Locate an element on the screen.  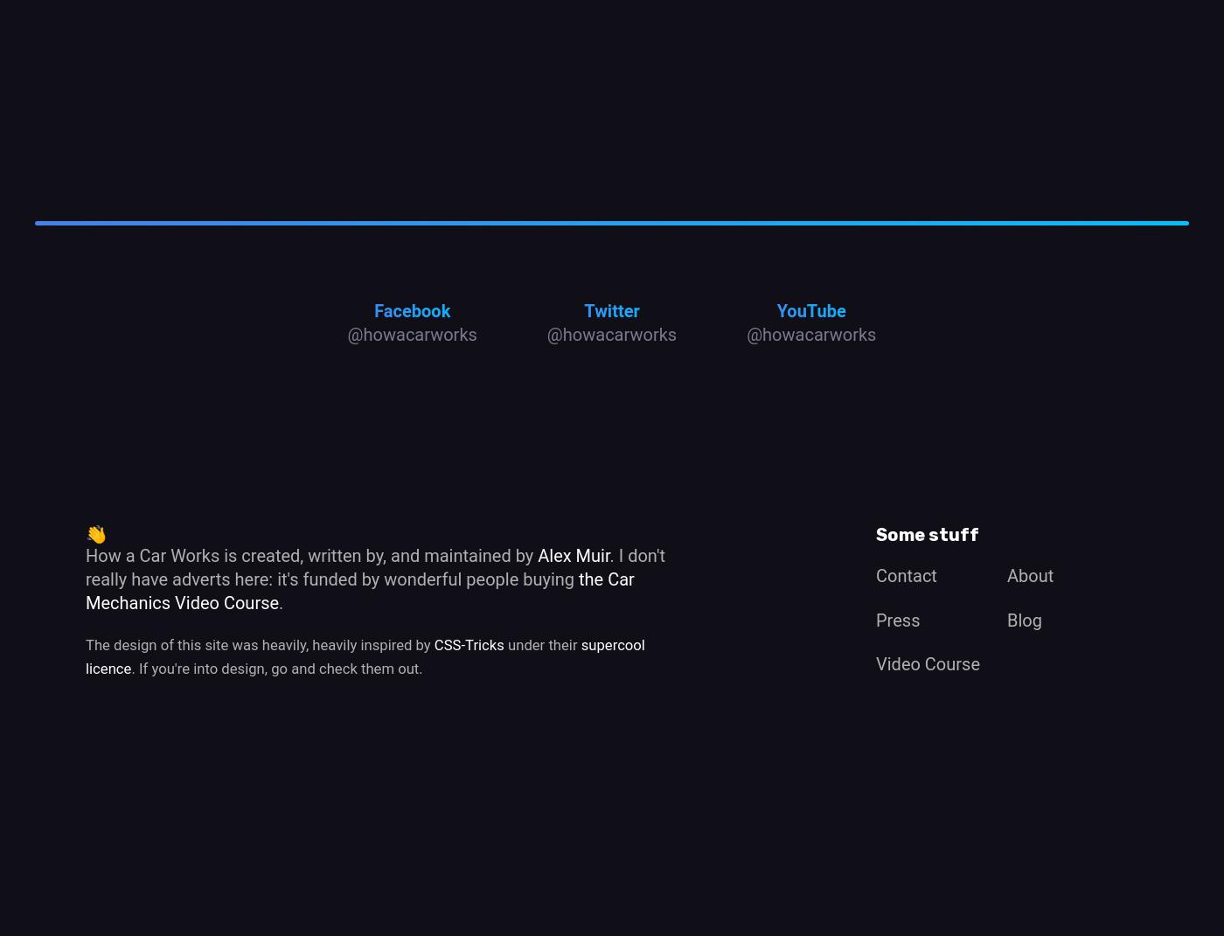
'CSS-Tricks' is located at coordinates (469, 644).